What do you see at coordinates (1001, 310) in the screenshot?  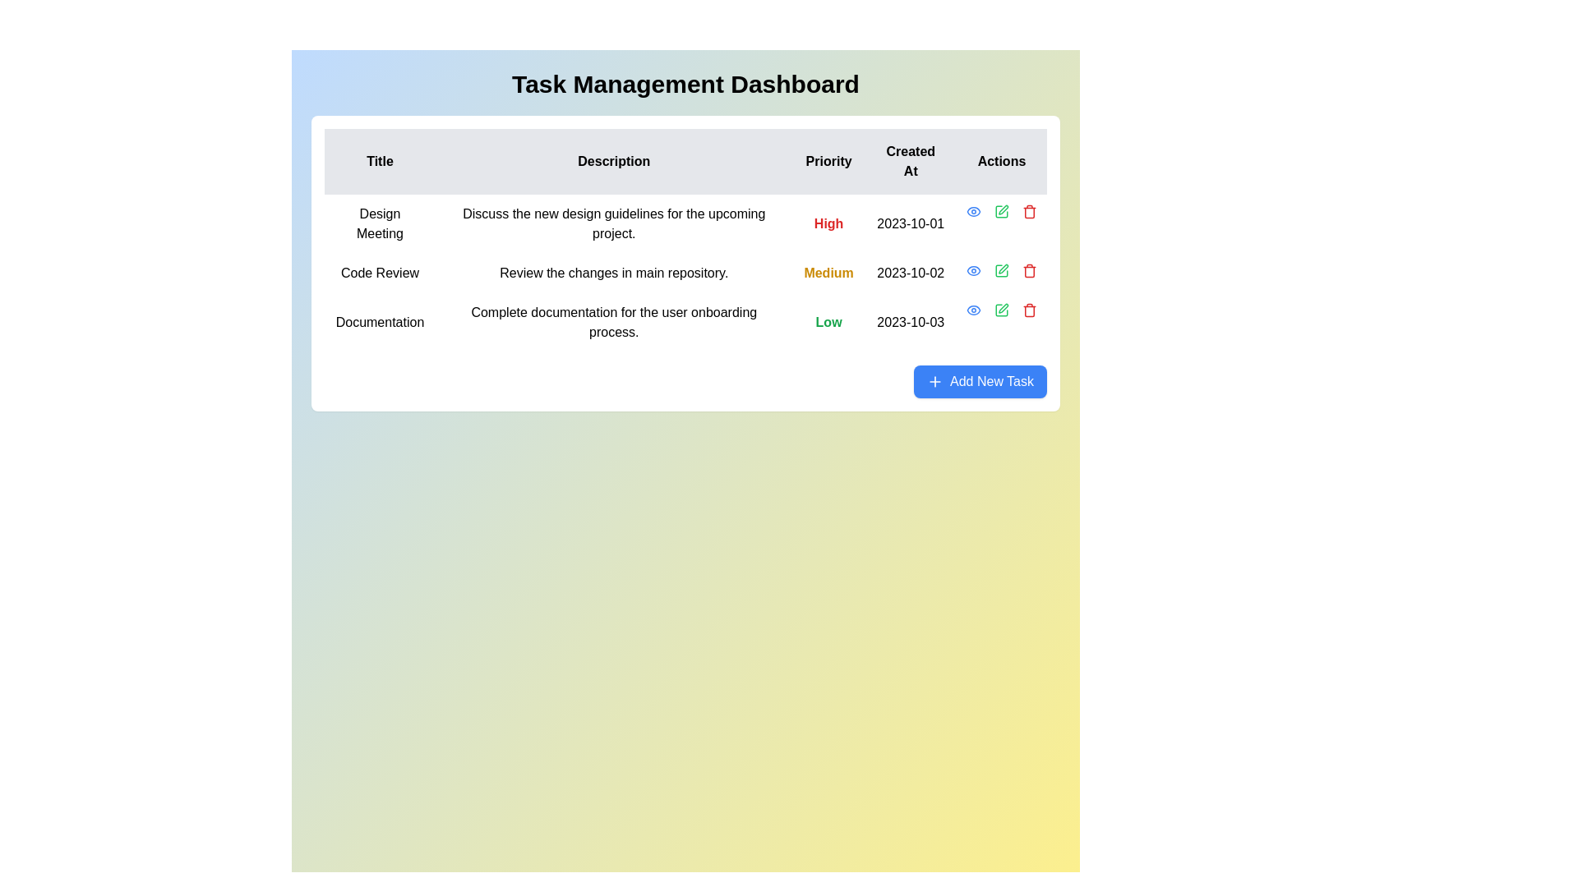 I see `the green editing button located in the 'Actions' column of the last row for the 'Documentation' entry` at bounding box center [1001, 310].